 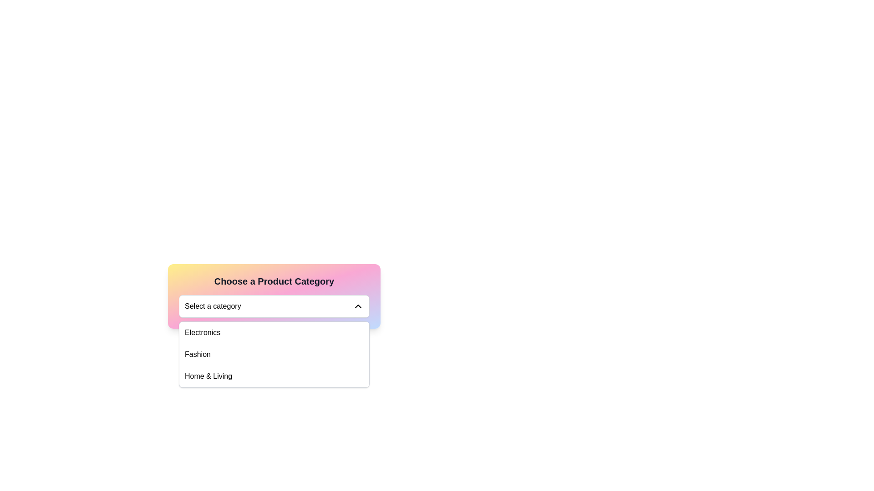 I want to click on the dropdown menu for selecting a category from the list of options such as 'Electronics', 'Fashion', and 'Home & Living', so click(x=274, y=306).